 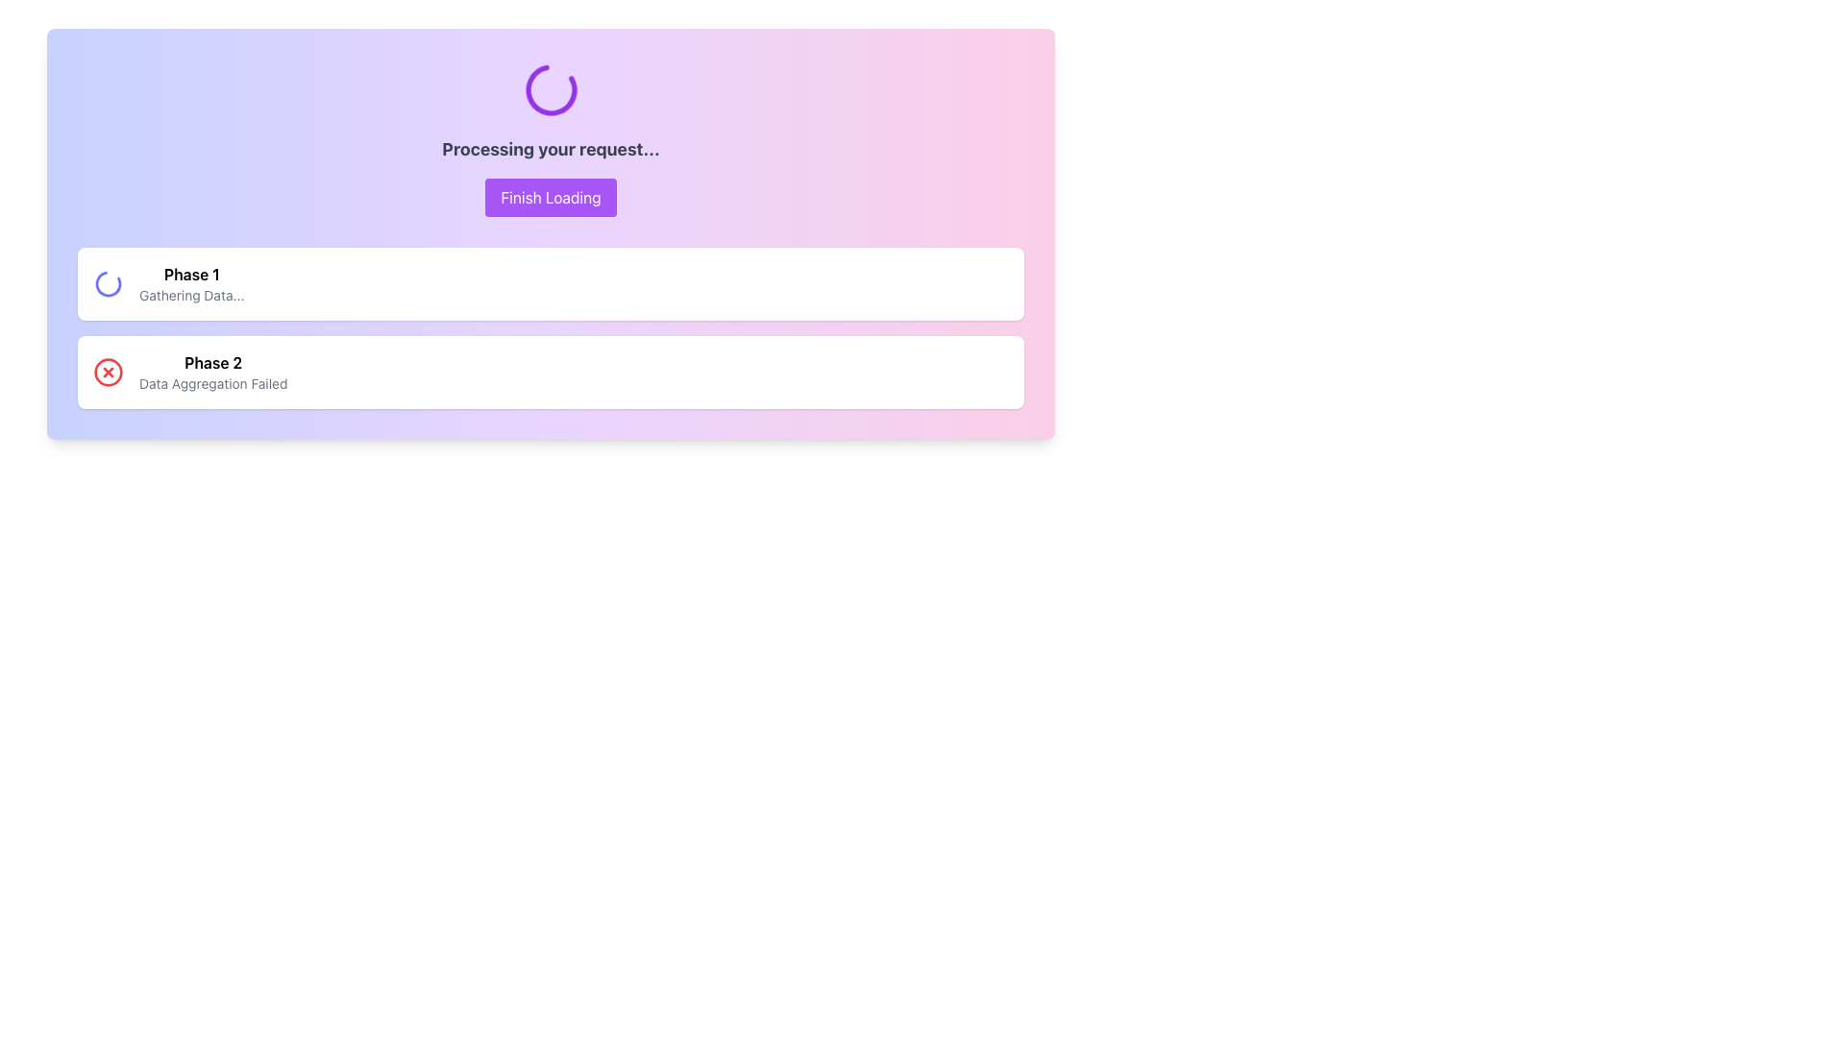 What do you see at coordinates (191, 274) in the screenshot?
I see `the text label that identifies 'Phase 1' in the process, which is centrally aligned and positioned at the top of its section` at bounding box center [191, 274].